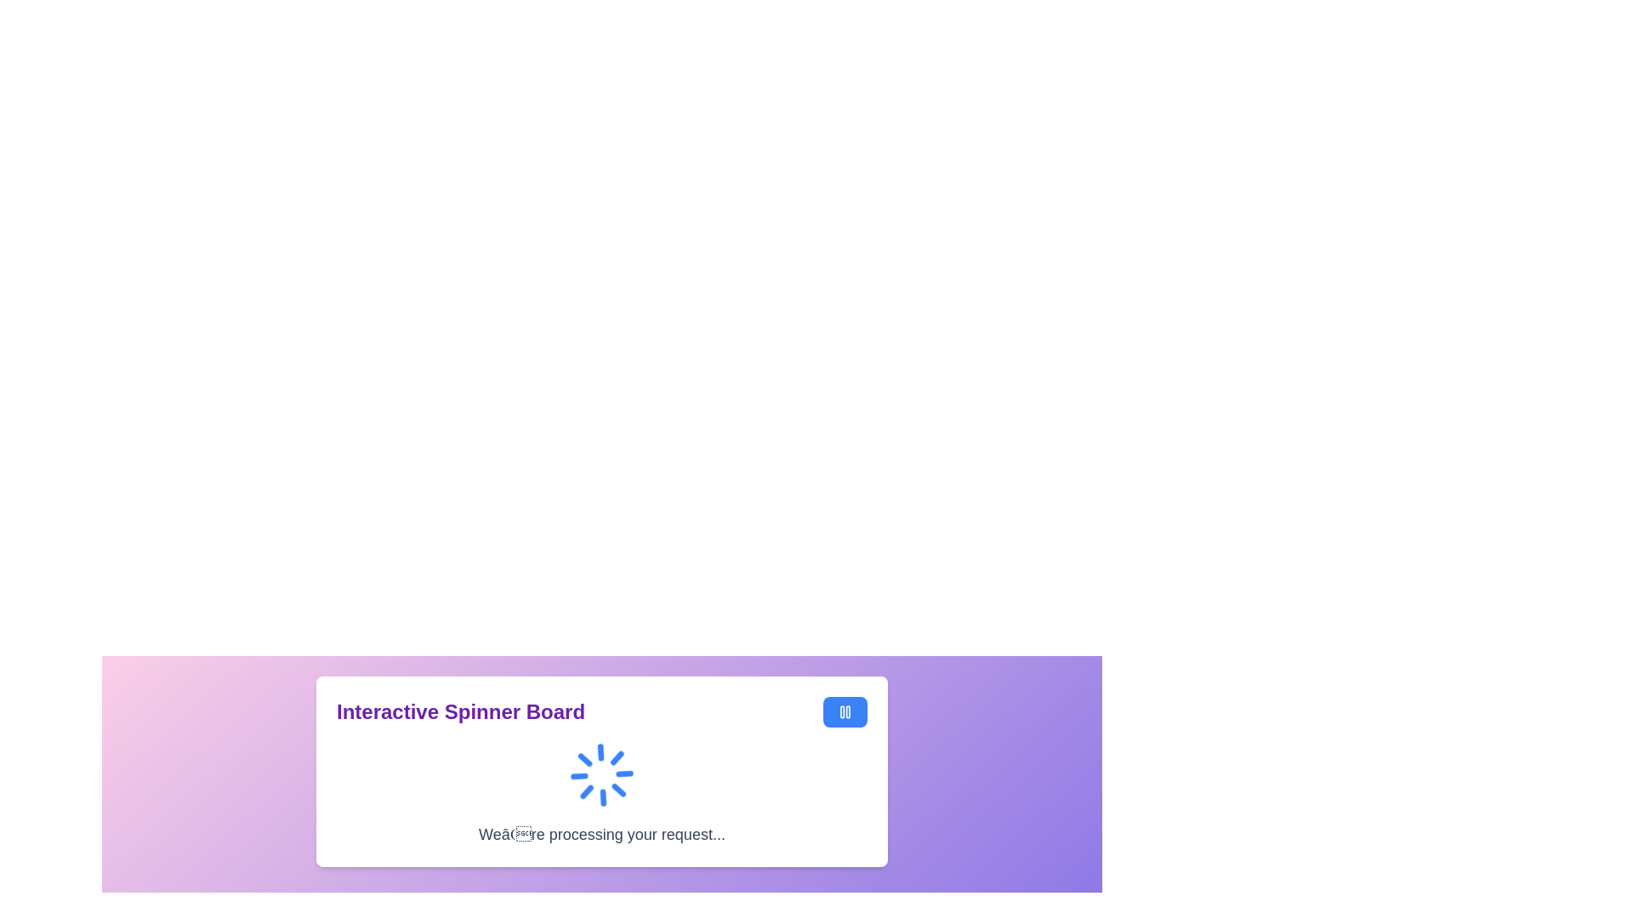  What do you see at coordinates (845, 712) in the screenshot?
I see `the pause icon, which consists of two vertical bars within a rounded rectangular blue button located in the top-right corner of a white card on a purple gradient background` at bounding box center [845, 712].